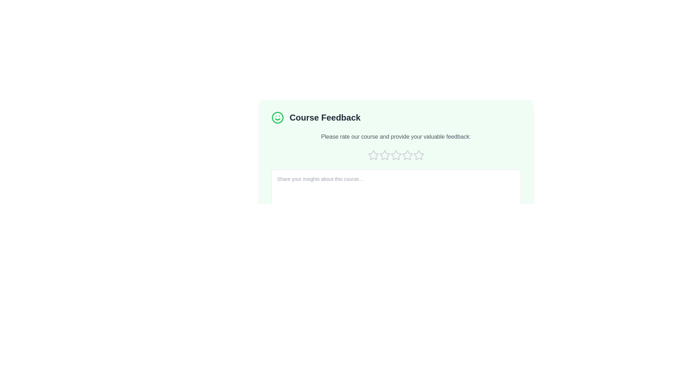 The height and width of the screenshot is (383, 681). I want to click on the static textual information that prompts users to rate the course and provide feedback, which is rendered in gray font and is located below the 'Course Feedback' heading, so click(395, 137).